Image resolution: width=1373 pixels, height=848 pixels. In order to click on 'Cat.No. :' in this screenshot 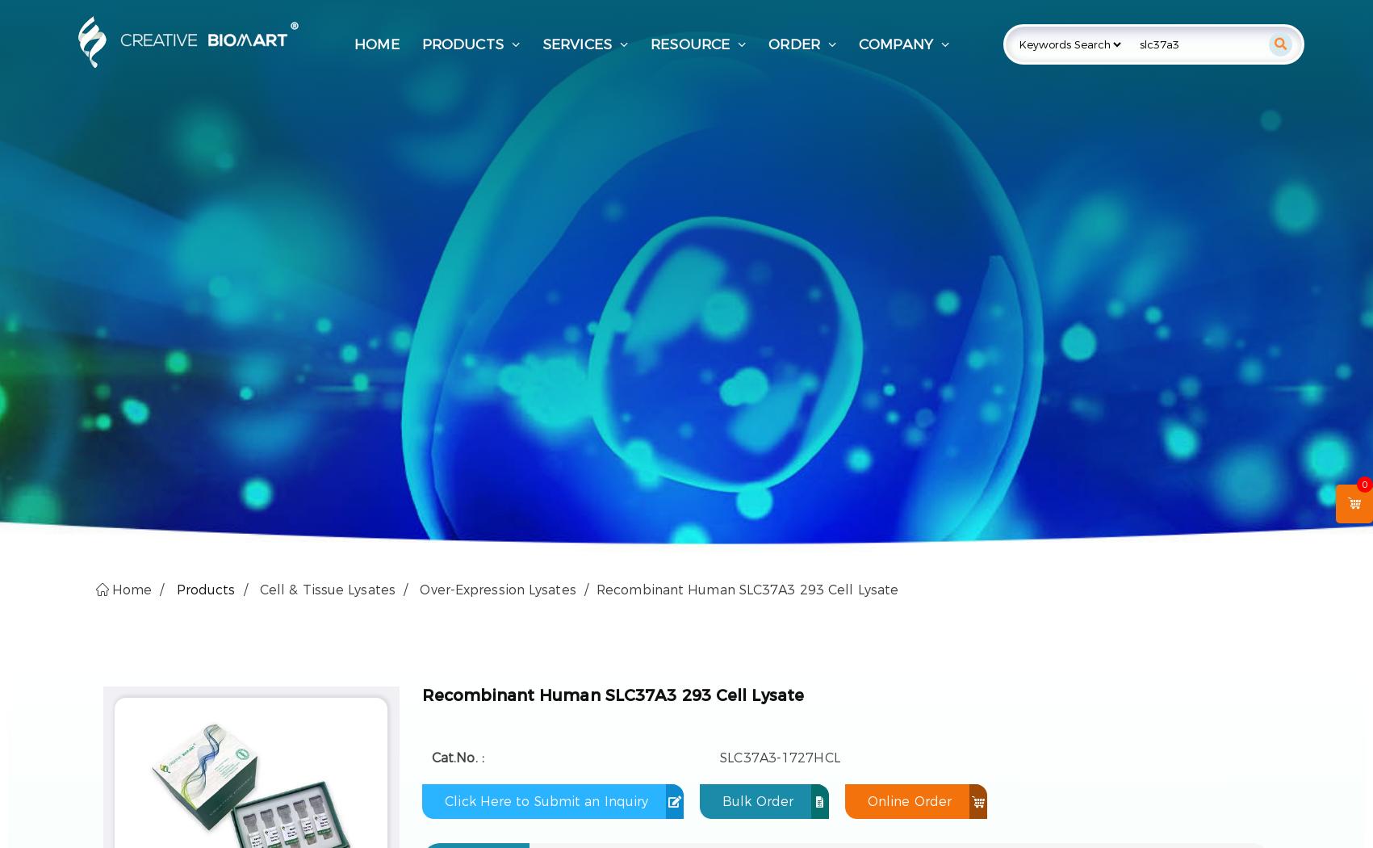, I will do `click(457, 757)`.